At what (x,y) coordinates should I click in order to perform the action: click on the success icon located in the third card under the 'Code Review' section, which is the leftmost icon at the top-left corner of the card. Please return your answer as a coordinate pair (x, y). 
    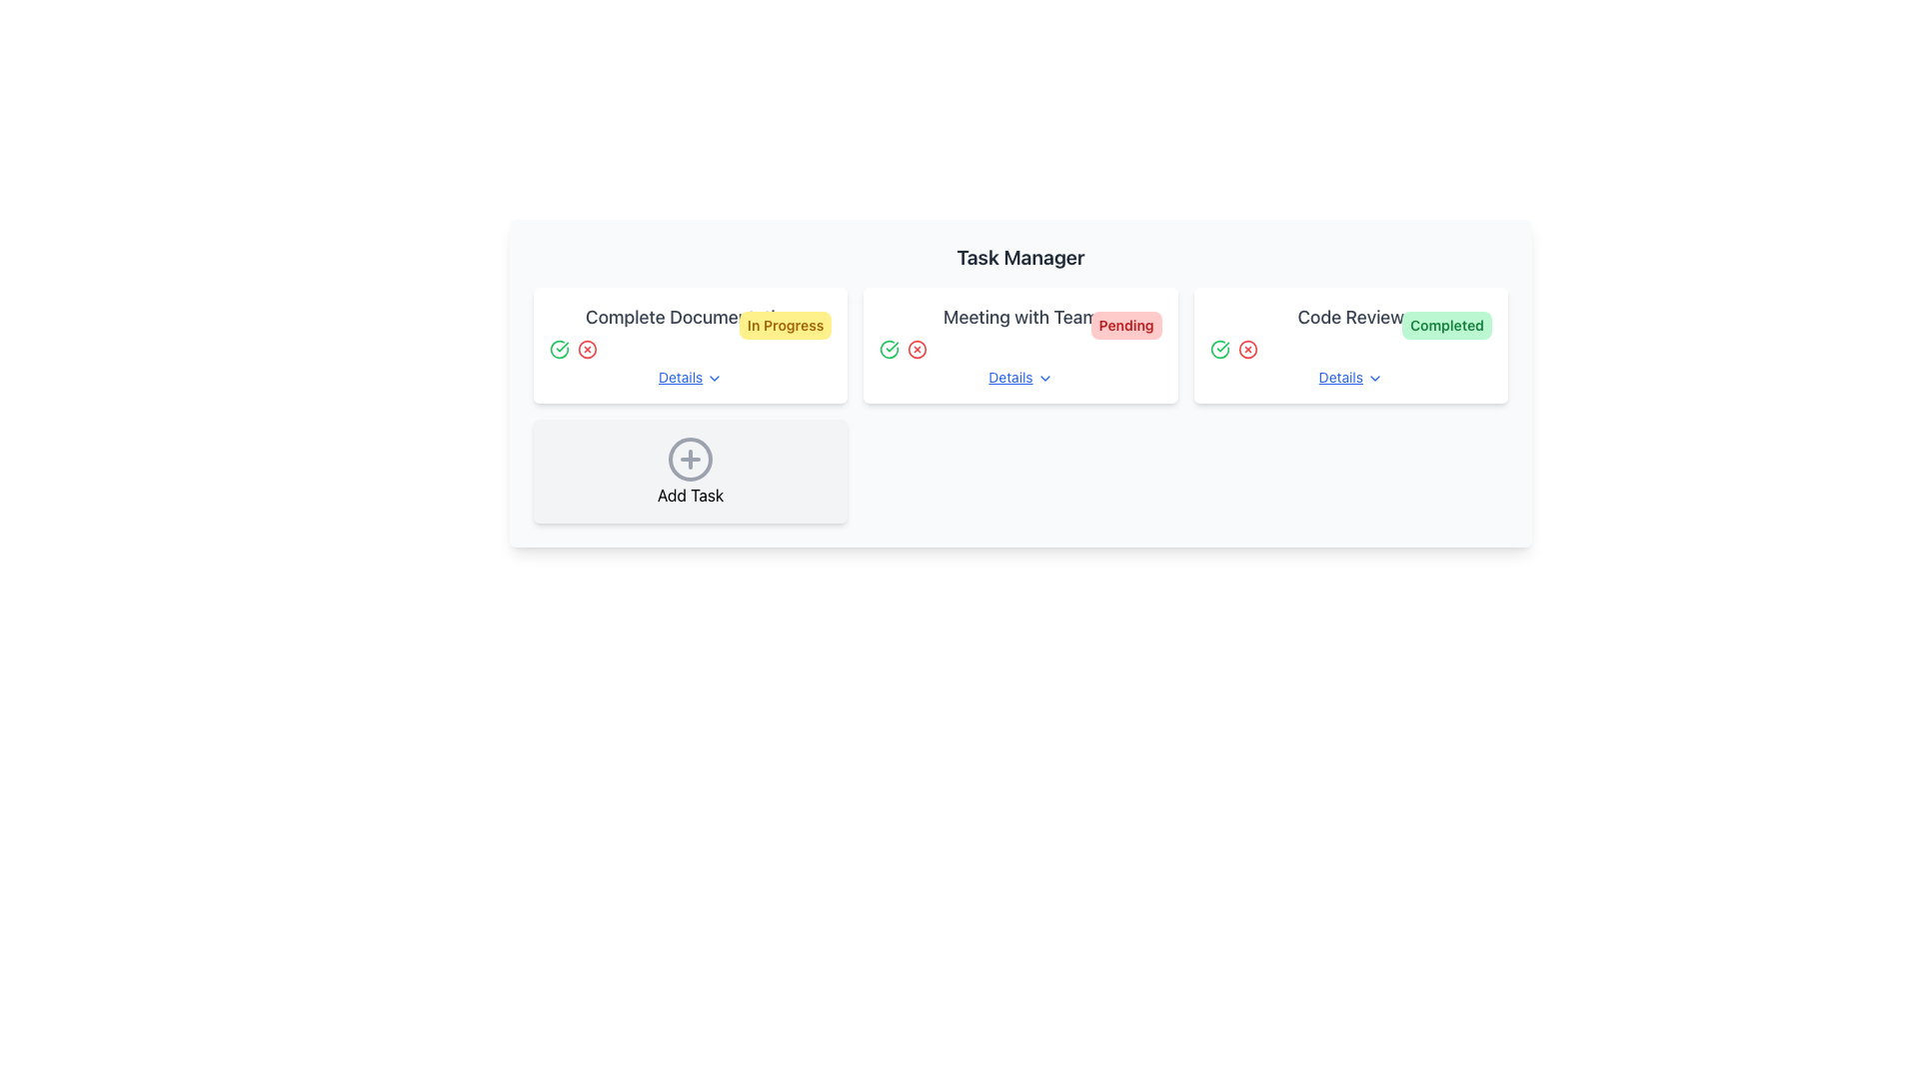
    Looking at the image, I should click on (1218, 349).